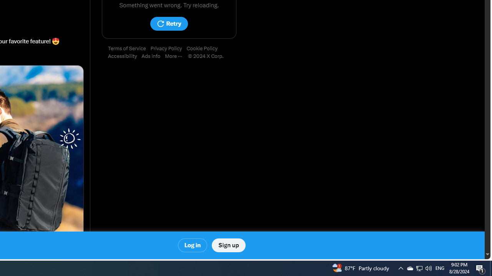 The image size is (492, 276). What do you see at coordinates (153, 56) in the screenshot?
I see `'Ads info'` at bounding box center [153, 56].